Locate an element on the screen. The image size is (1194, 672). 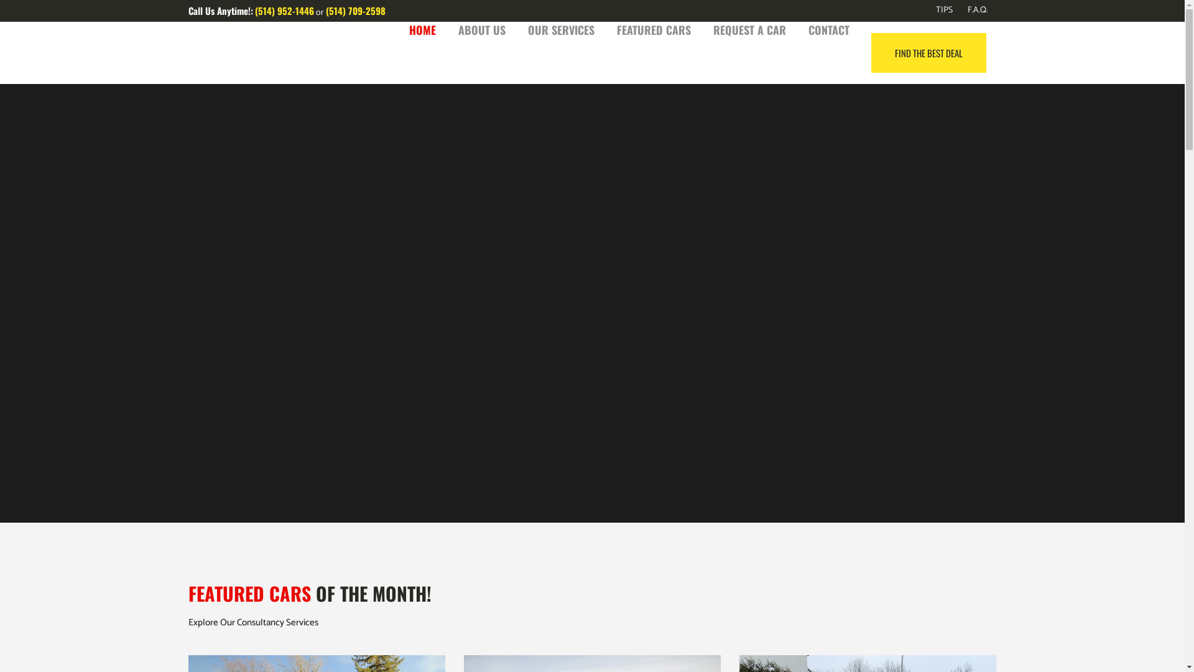
'OUR SERVICES' is located at coordinates (560, 29).